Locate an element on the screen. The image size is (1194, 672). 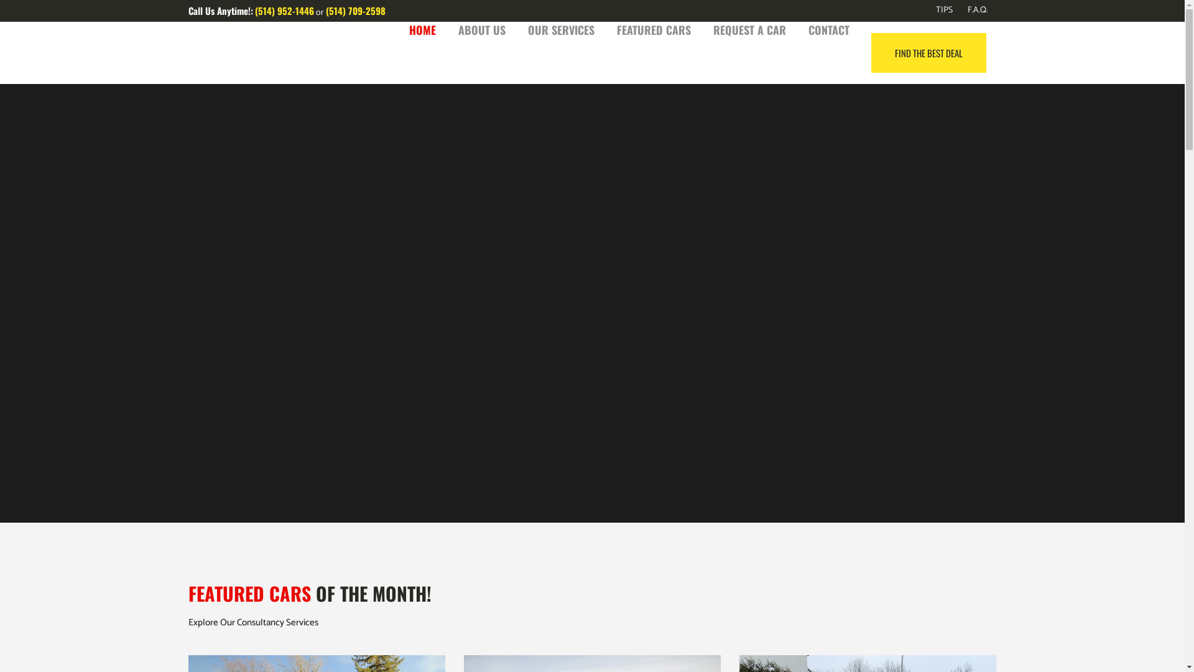
'OUR SERVICES' is located at coordinates (560, 29).